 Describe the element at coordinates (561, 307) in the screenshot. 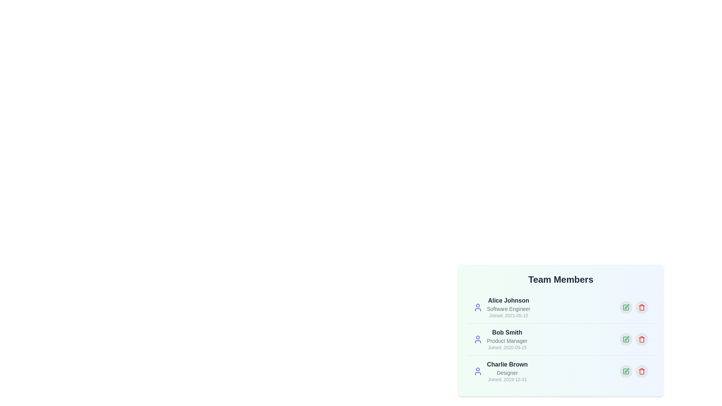

I see `the profile of Alice Johnson to highlight it` at that location.